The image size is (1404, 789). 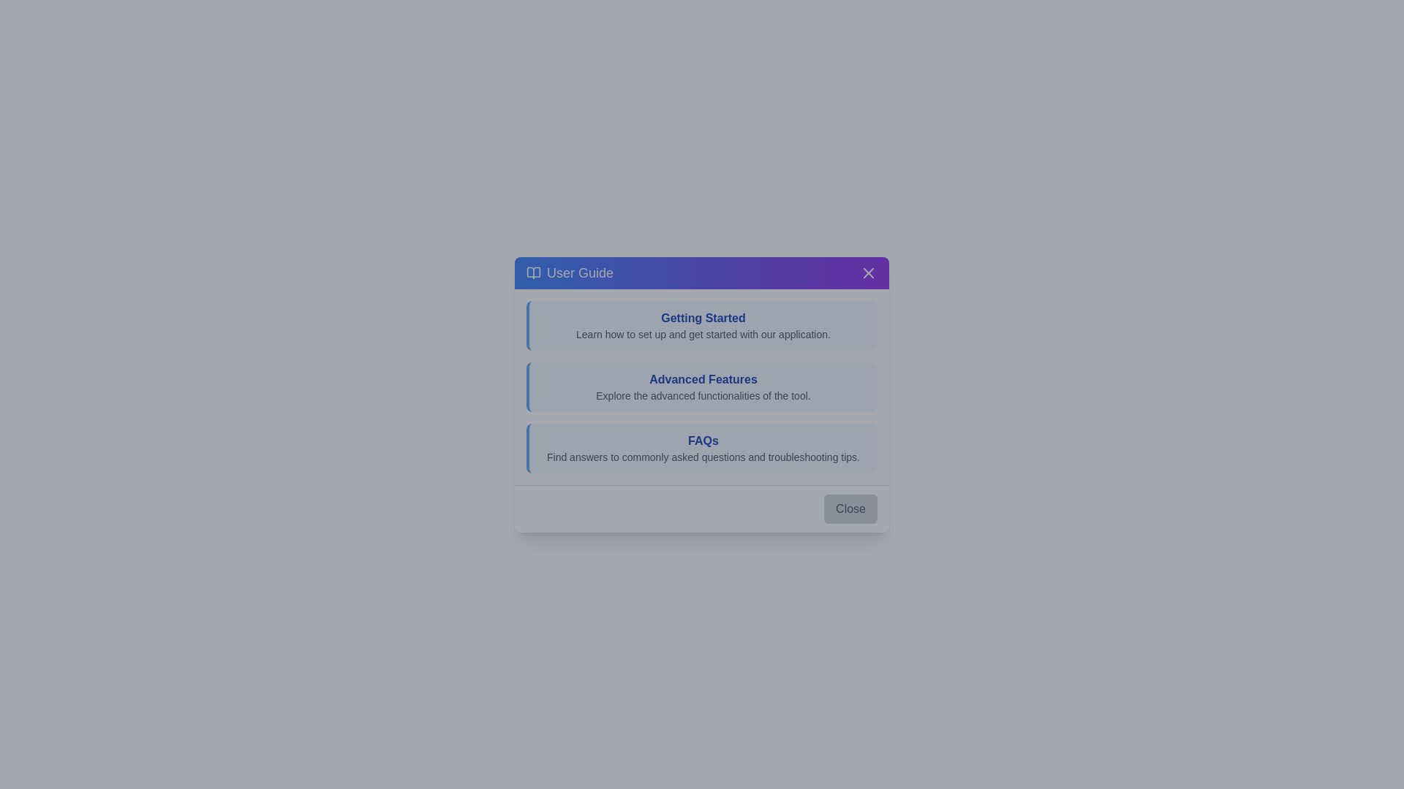 What do you see at coordinates (569, 272) in the screenshot?
I see `the Text Label with Icon that serves as the title for the dialog or modal section, located in the top-left corner of the header` at bounding box center [569, 272].